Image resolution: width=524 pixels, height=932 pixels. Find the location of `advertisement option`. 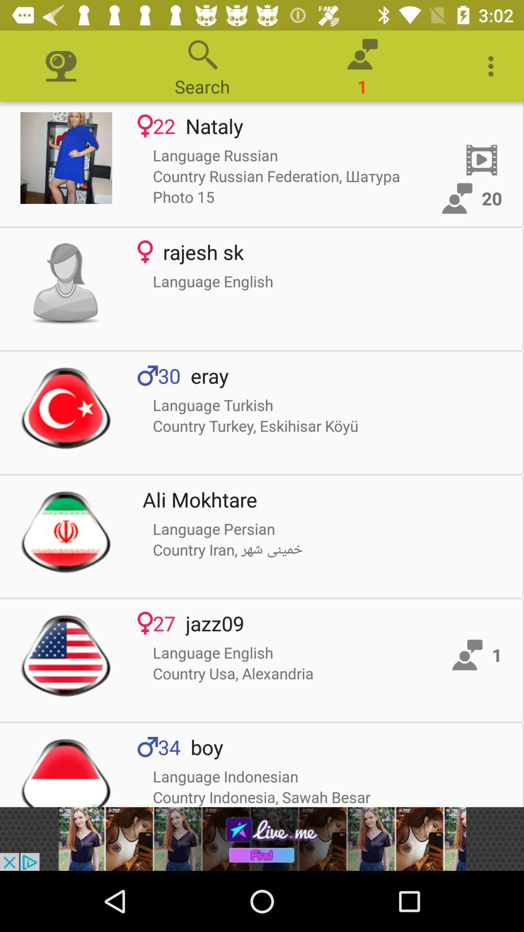

advertisement option is located at coordinates (262, 838).